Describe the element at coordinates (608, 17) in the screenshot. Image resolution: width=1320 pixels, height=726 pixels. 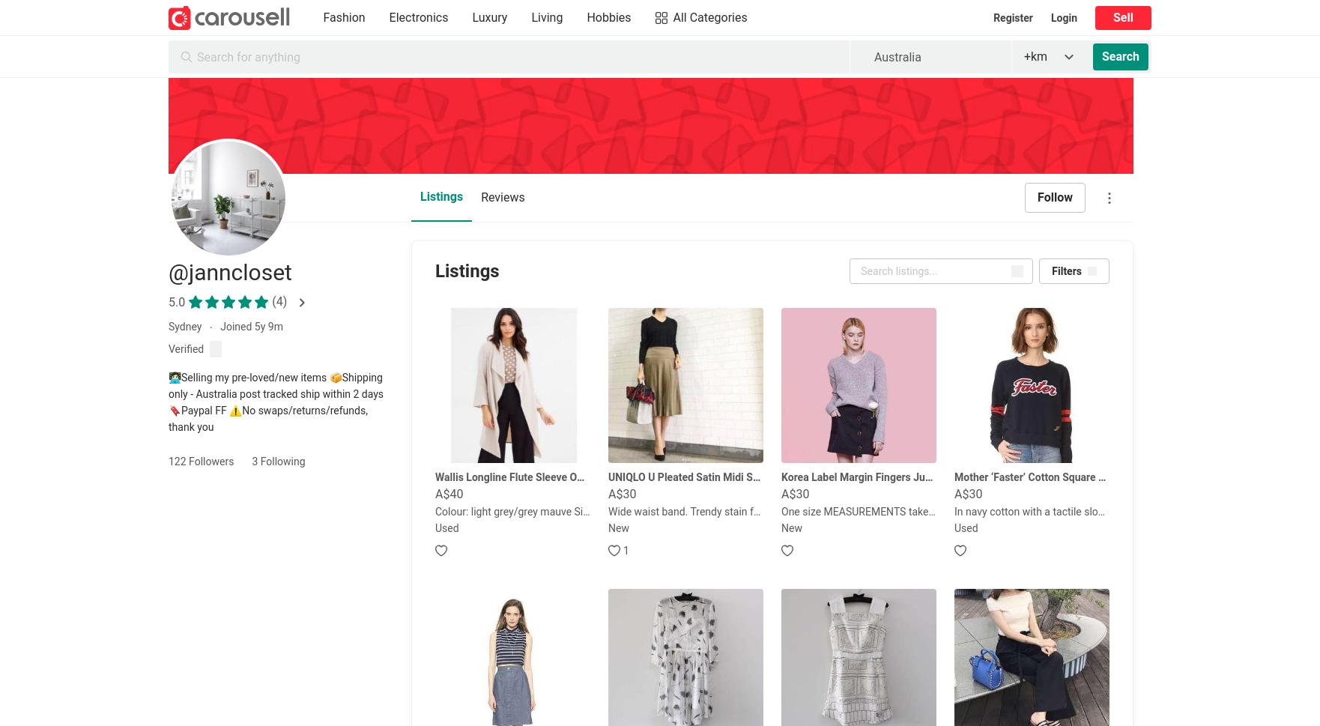
I see `'Hobbies'` at that location.